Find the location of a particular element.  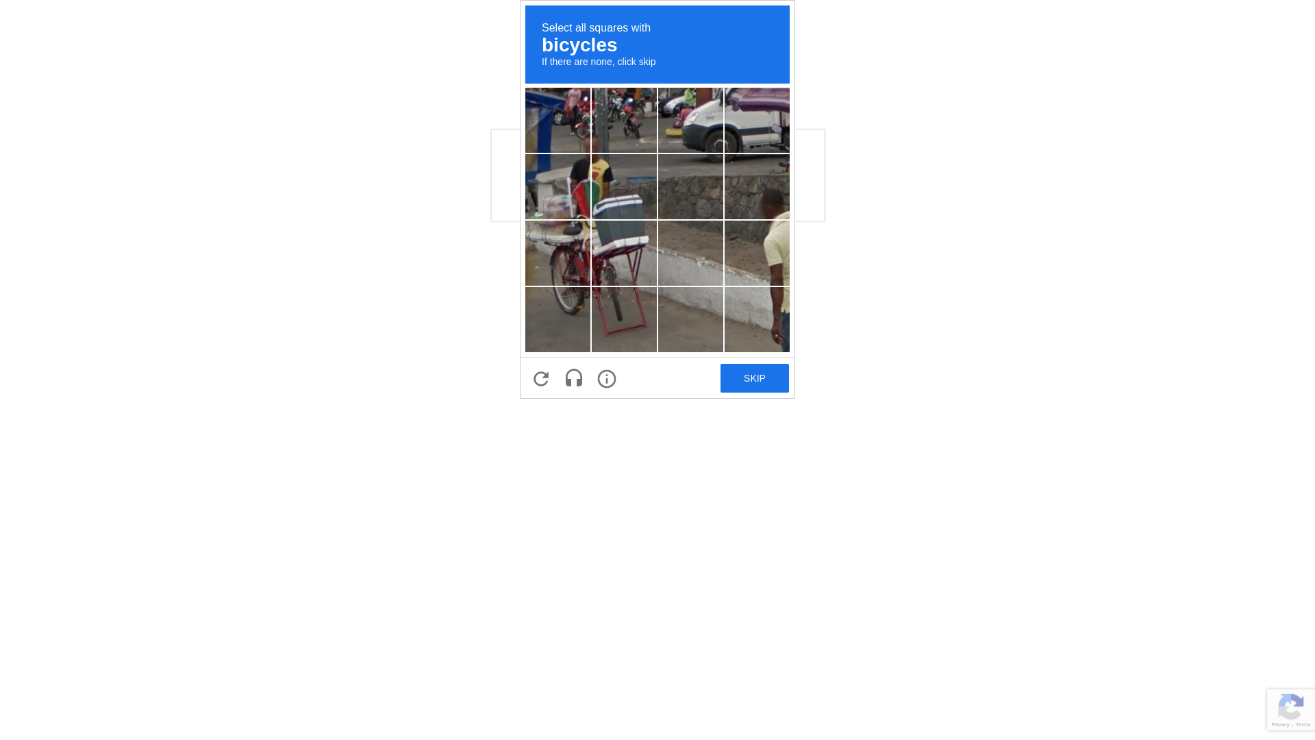

'recaptcha challenge expires in two minutes' is located at coordinates (657, 199).